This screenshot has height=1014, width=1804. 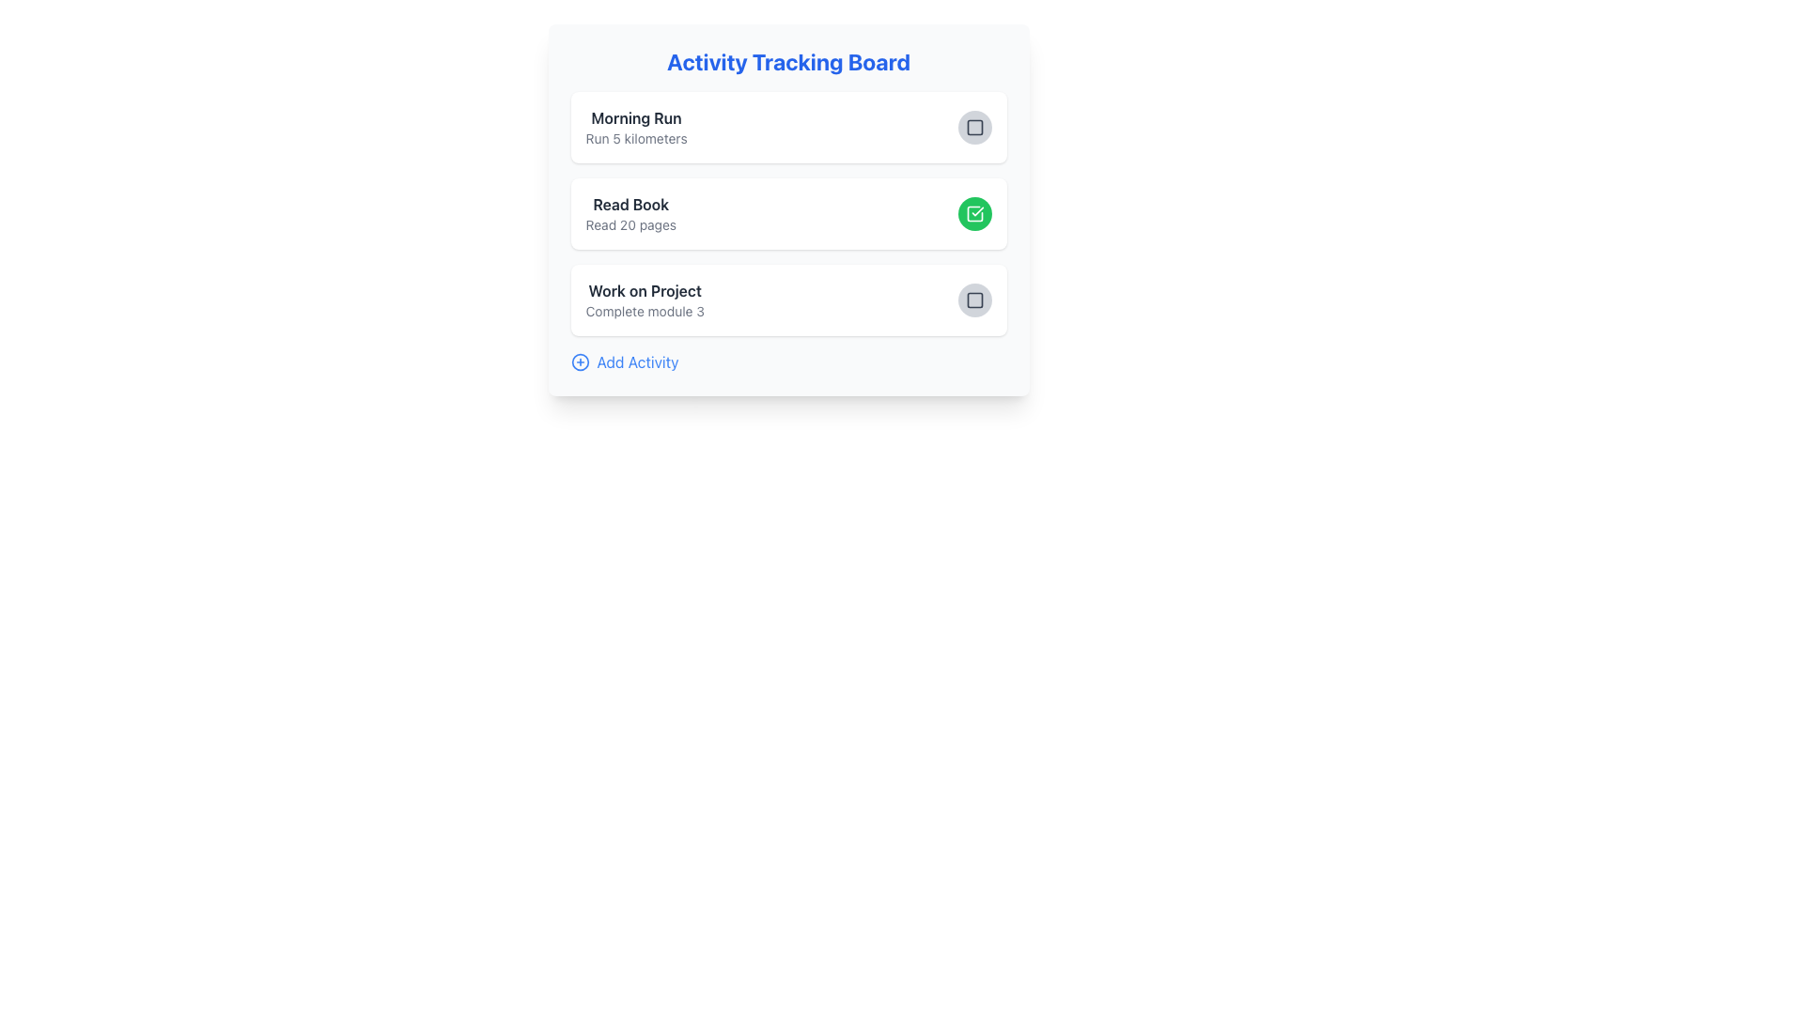 I want to click on the button located to the far right of the 'Morning Run' activity card in the 'Activity Tracking Board' panel, so click(x=974, y=127).